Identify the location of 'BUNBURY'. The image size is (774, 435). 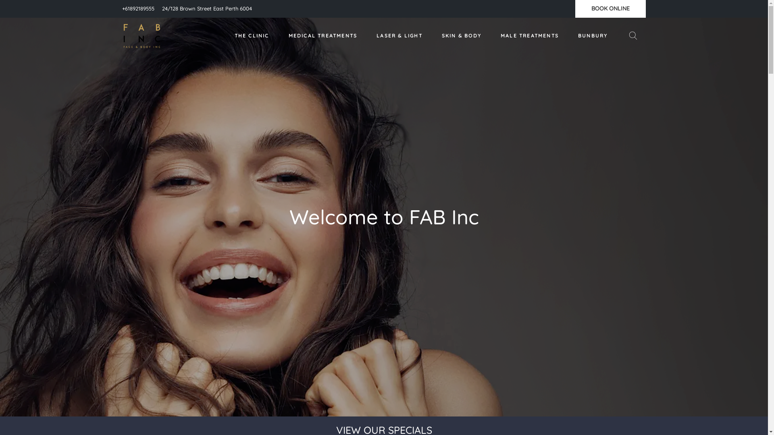
(593, 35).